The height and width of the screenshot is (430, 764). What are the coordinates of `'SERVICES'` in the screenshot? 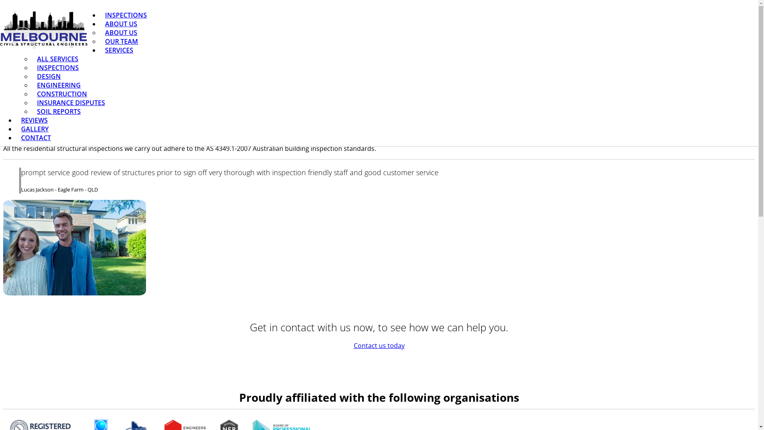 It's located at (120, 50).